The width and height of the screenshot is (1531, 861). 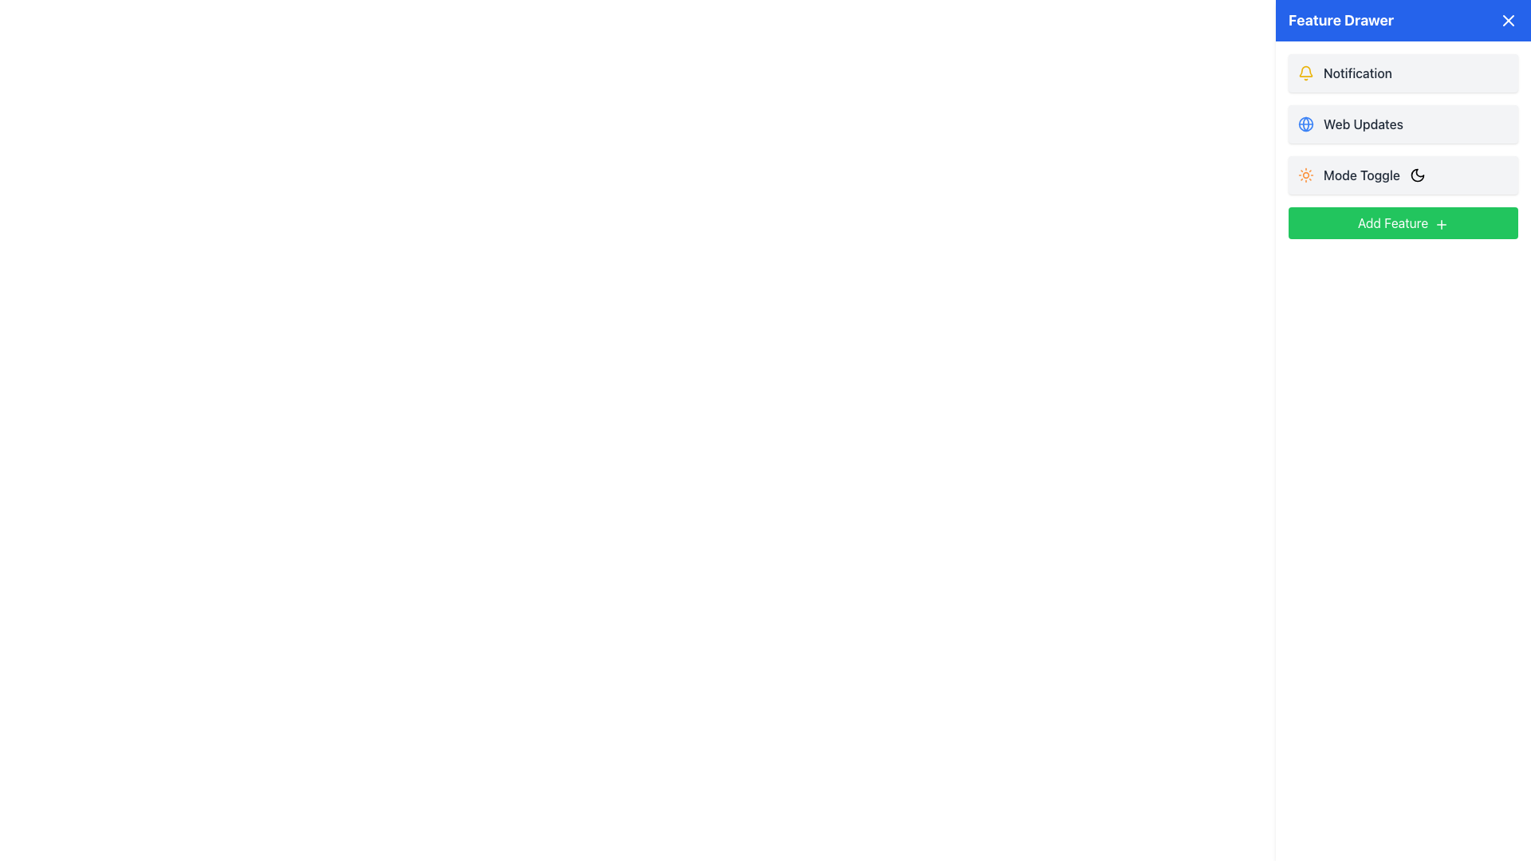 What do you see at coordinates (1361, 123) in the screenshot?
I see `the 'Web Updates' text label in the vertical menu list` at bounding box center [1361, 123].